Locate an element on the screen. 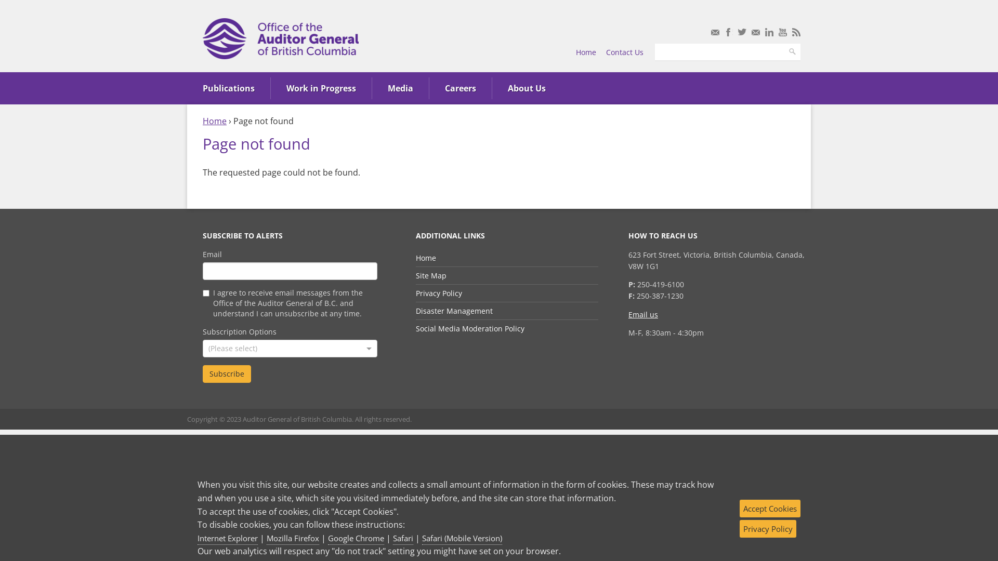 The width and height of the screenshot is (998, 561). 'Media' is located at coordinates (400, 87).